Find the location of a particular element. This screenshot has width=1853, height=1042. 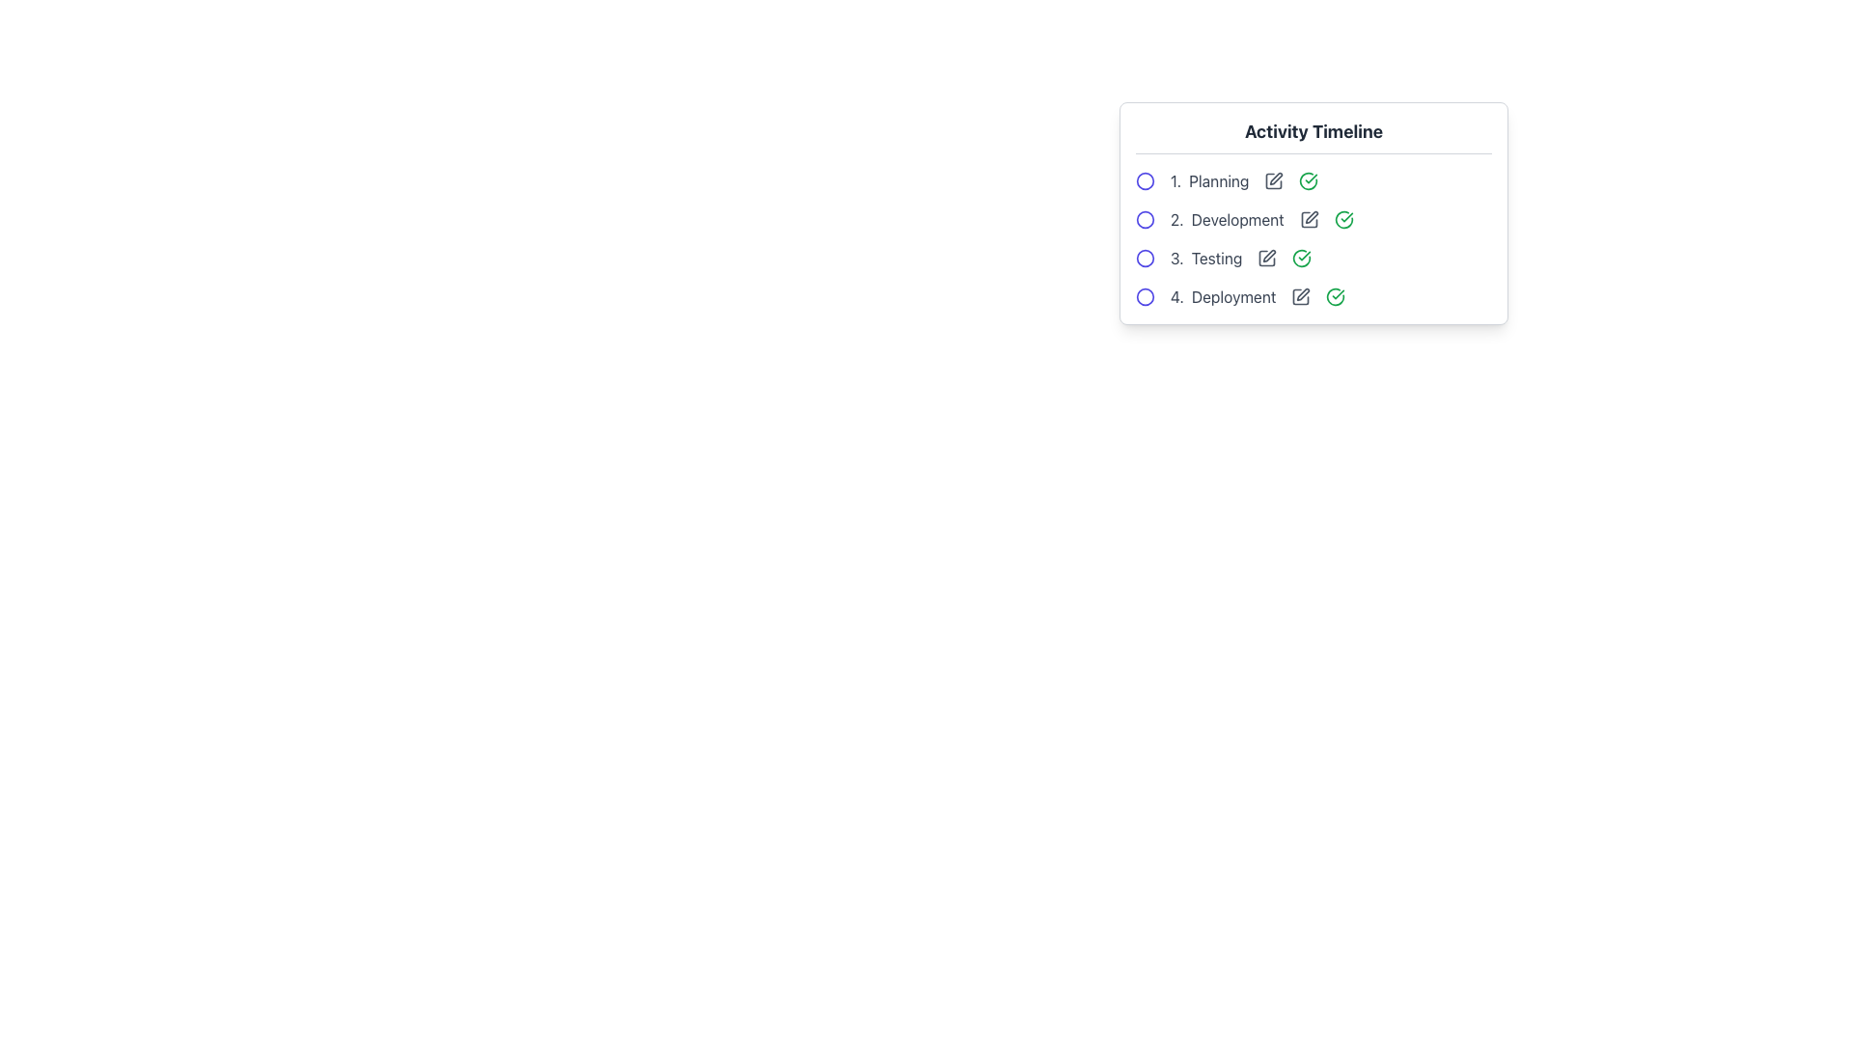

the edit icon located immediately to the right of the task label '3. Testing' in the 'Activity Timeline' section is located at coordinates (1269, 255).